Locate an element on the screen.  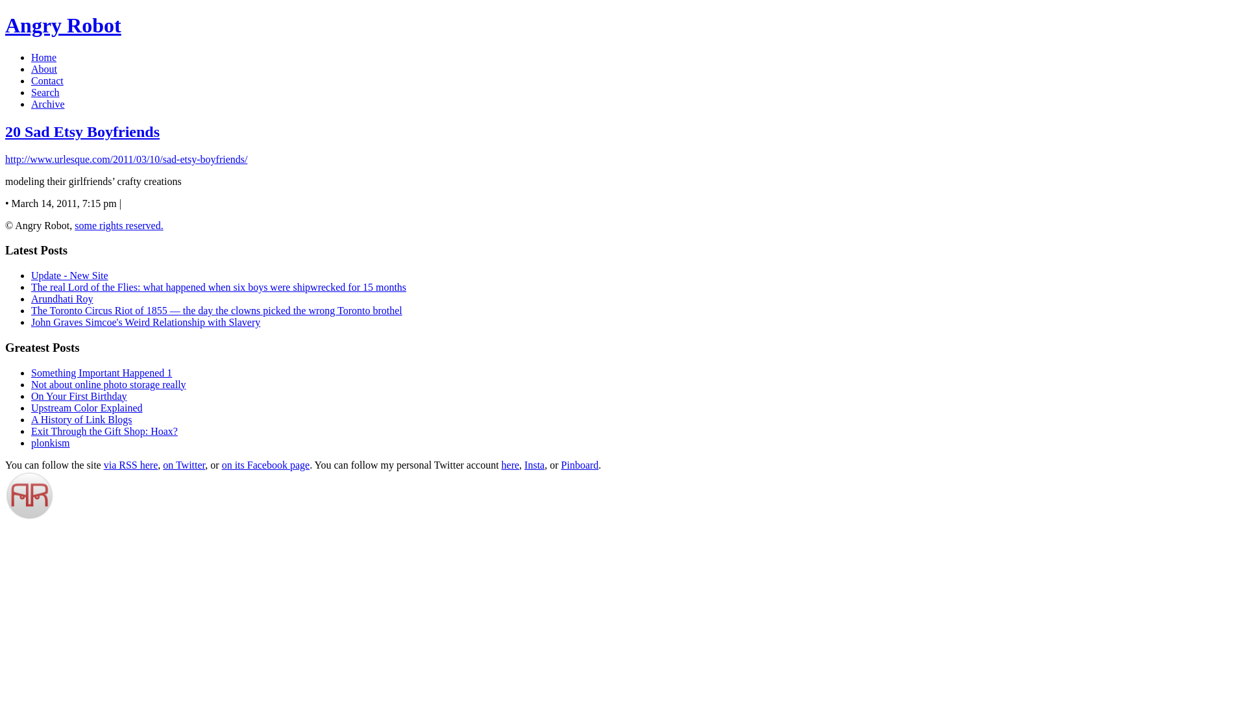
'here' is located at coordinates (500, 464).